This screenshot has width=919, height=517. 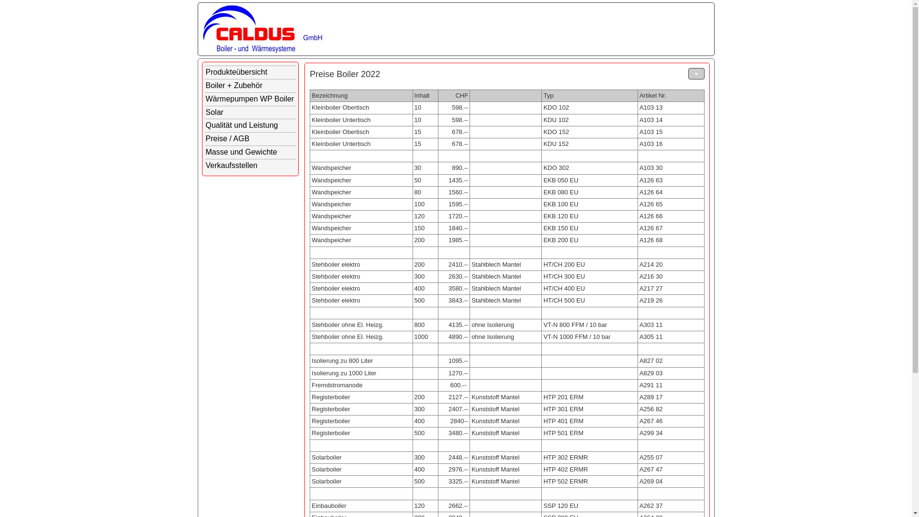 I want to click on 'Verkaufsstellen', so click(x=250, y=165).